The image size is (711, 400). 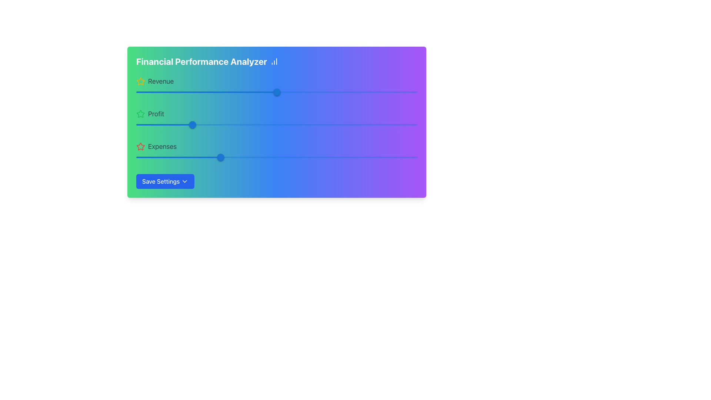 What do you see at coordinates (193, 124) in the screenshot?
I see `slider value` at bounding box center [193, 124].